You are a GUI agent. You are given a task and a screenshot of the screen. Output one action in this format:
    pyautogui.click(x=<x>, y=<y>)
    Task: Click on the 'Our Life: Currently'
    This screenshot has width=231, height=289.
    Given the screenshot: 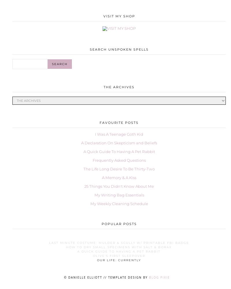 What is the action you would take?
    pyautogui.click(x=119, y=260)
    